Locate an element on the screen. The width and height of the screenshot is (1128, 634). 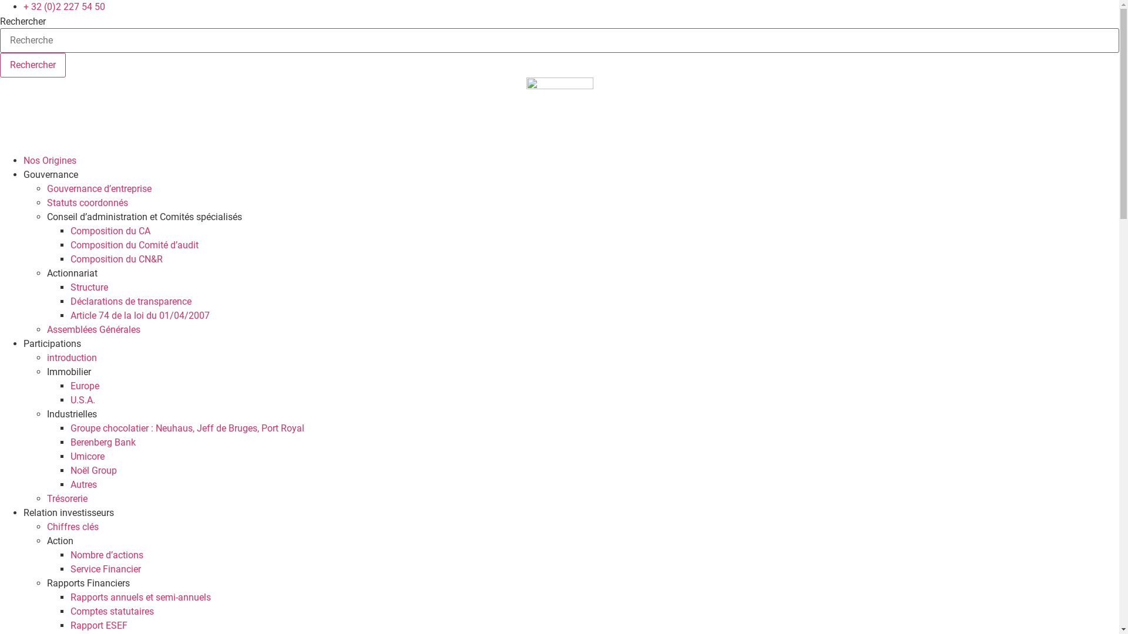
'Comptes statutaires' is located at coordinates (112, 611).